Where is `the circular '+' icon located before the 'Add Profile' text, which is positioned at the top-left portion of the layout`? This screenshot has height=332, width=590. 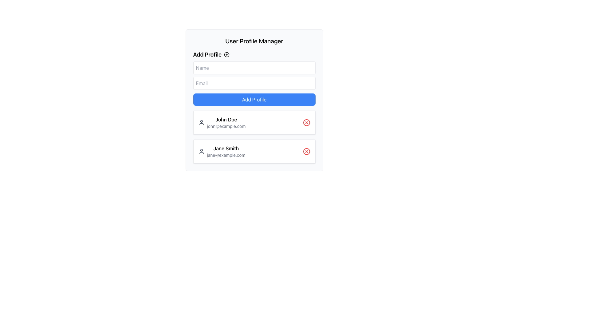
the circular '+' icon located before the 'Add Profile' text, which is positioned at the top-left portion of the layout is located at coordinates (226, 54).